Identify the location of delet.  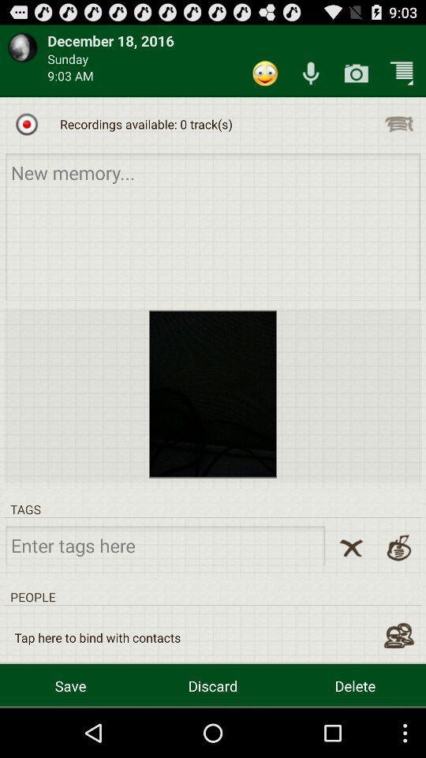
(351, 548).